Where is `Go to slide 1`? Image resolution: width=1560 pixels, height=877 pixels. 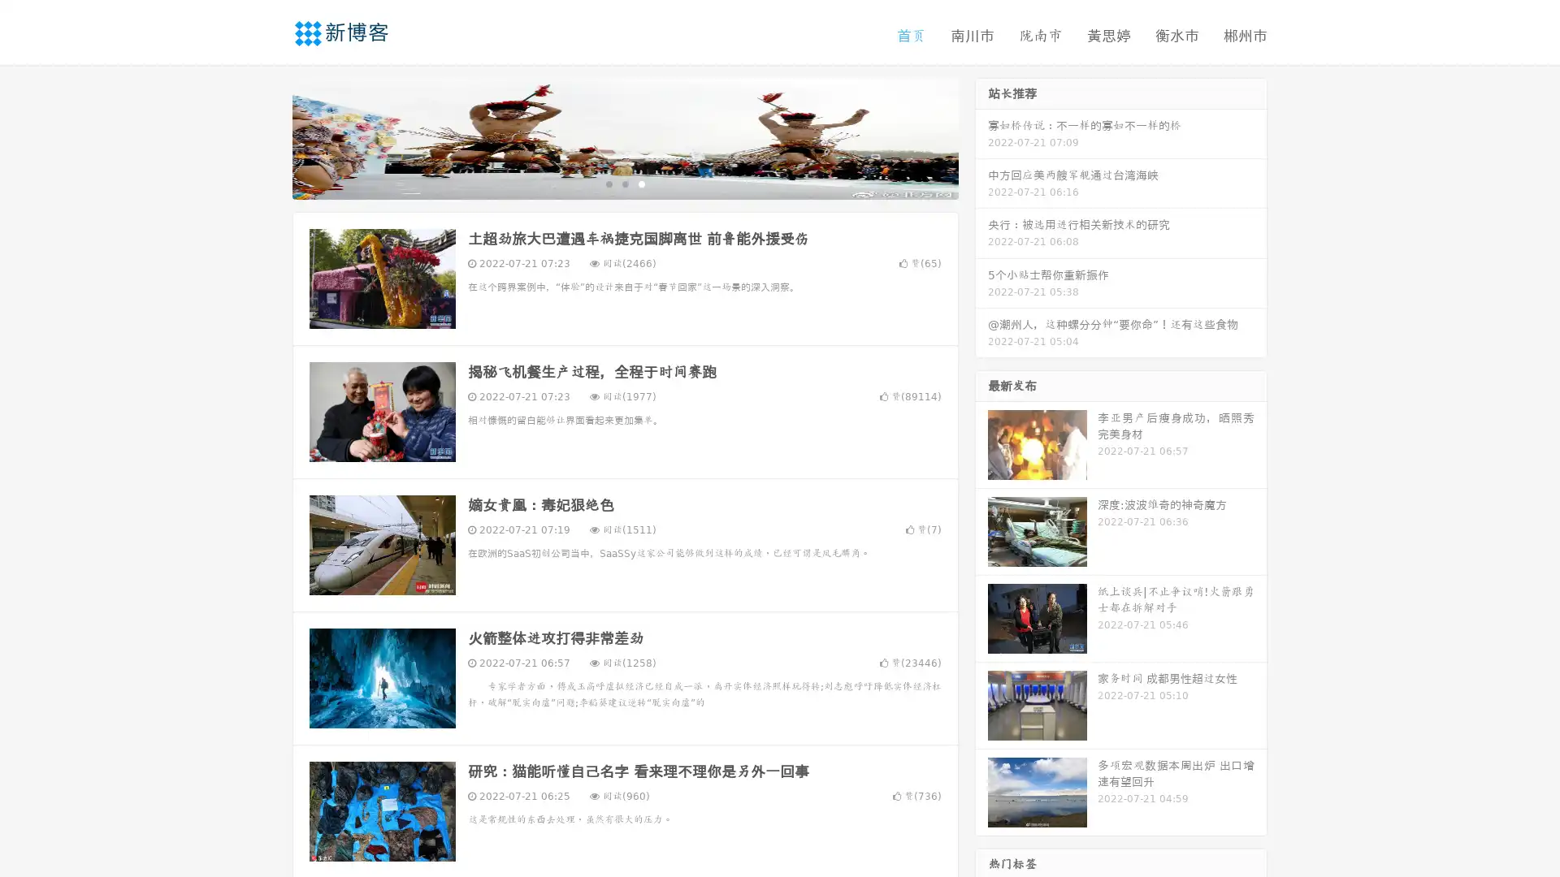
Go to slide 1 is located at coordinates (608, 183).